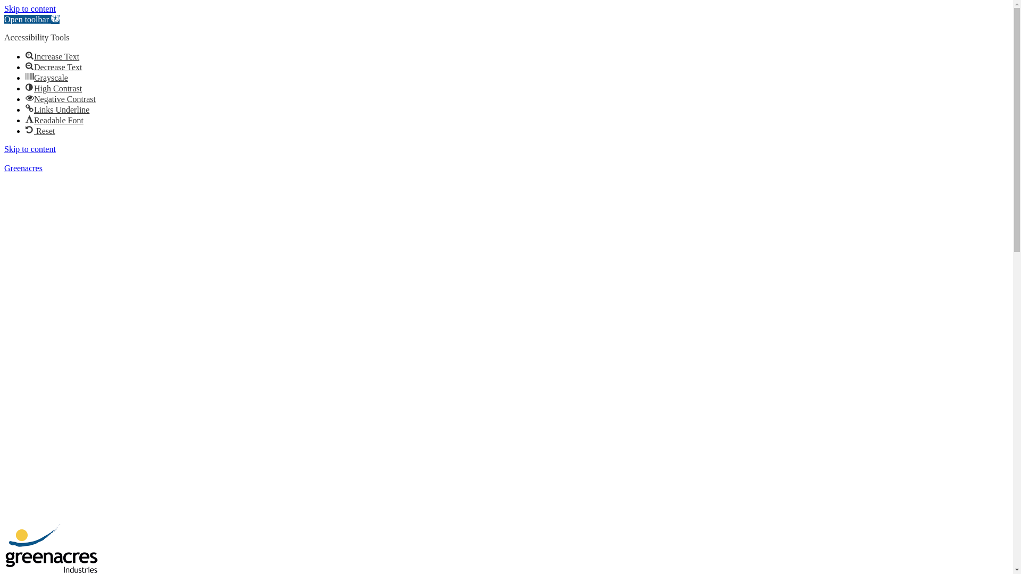 This screenshot has height=574, width=1021. Describe the element at coordinates (54, 120) in the screenshot. I see `'Readable FontReadable Font'` at that location.